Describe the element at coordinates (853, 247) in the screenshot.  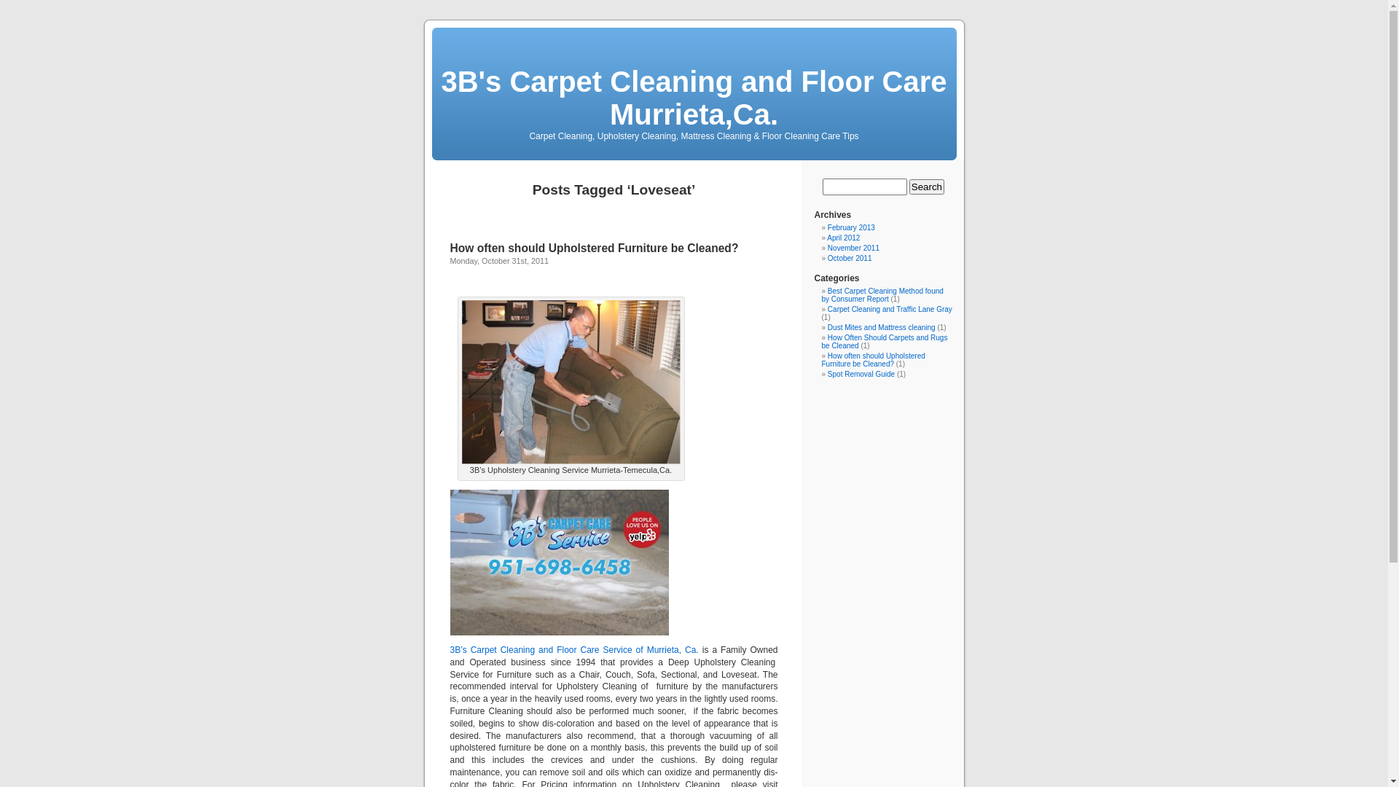
I see `'November 2011'` at that location.